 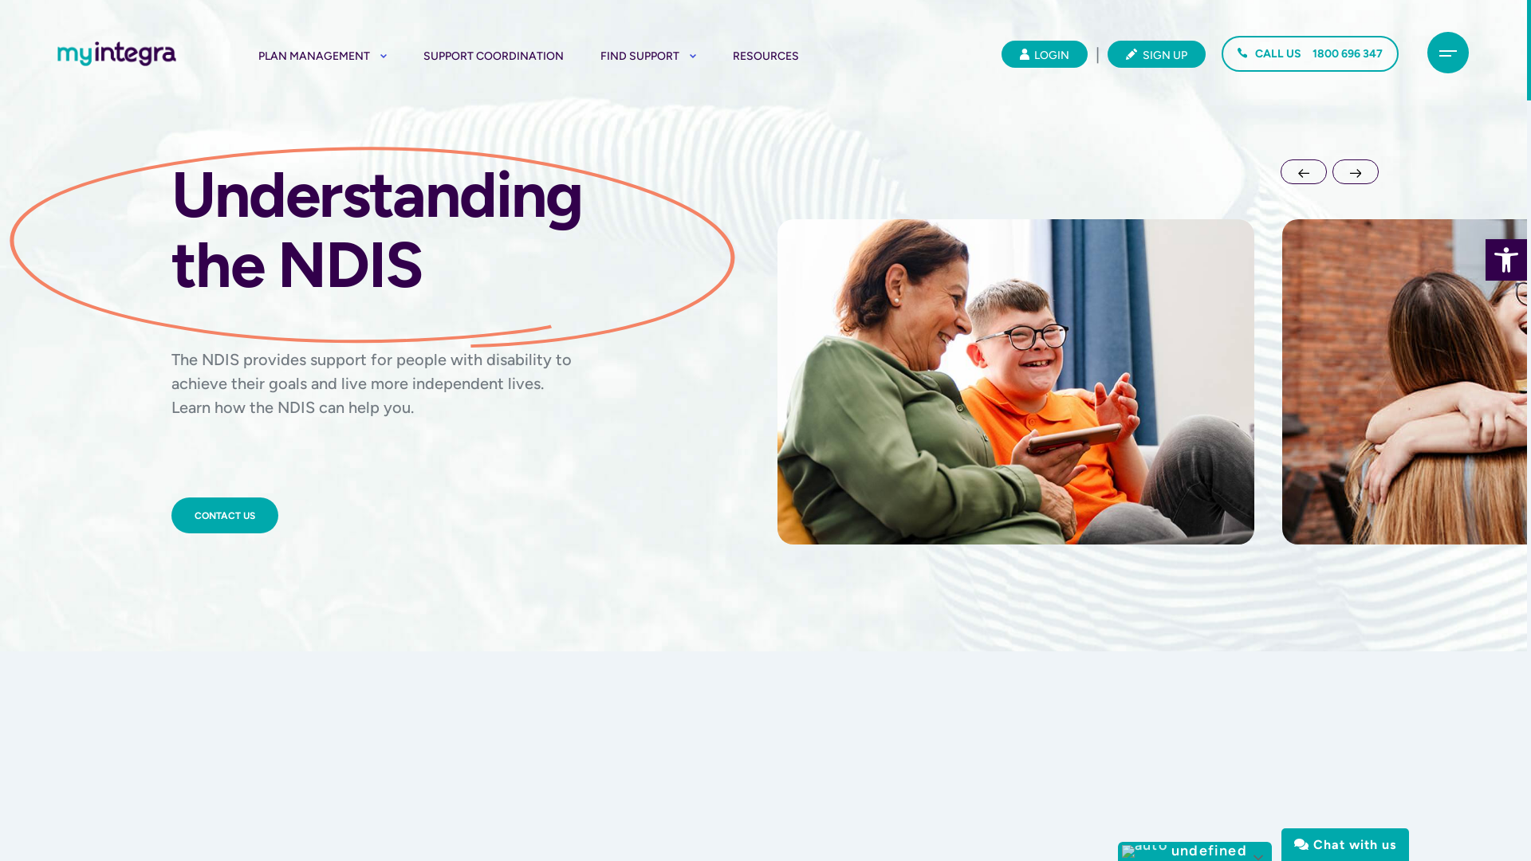 I want to click on 'FIND SUPPORT', so click(x=600, y=55).